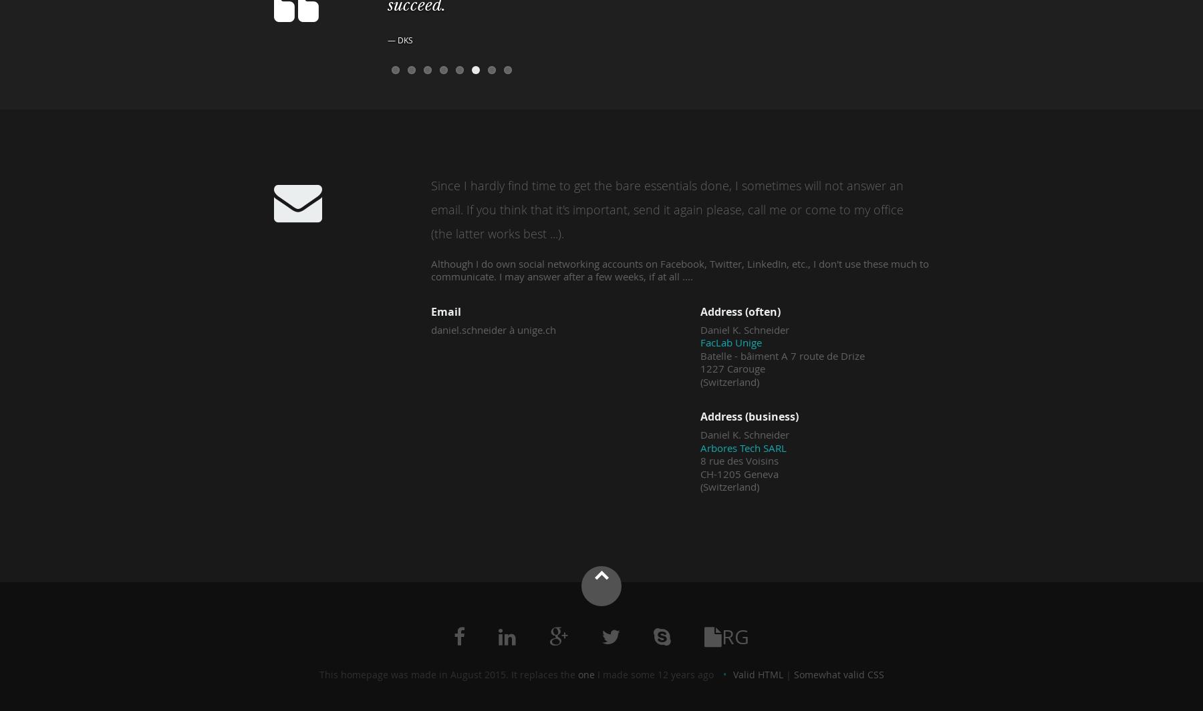 Image resolution: width=1203 pixels, height=711 pixels. What do you see at coordinates (585, 674) in the screenshot?
I see `'one'` at bounding box center [585, 674].